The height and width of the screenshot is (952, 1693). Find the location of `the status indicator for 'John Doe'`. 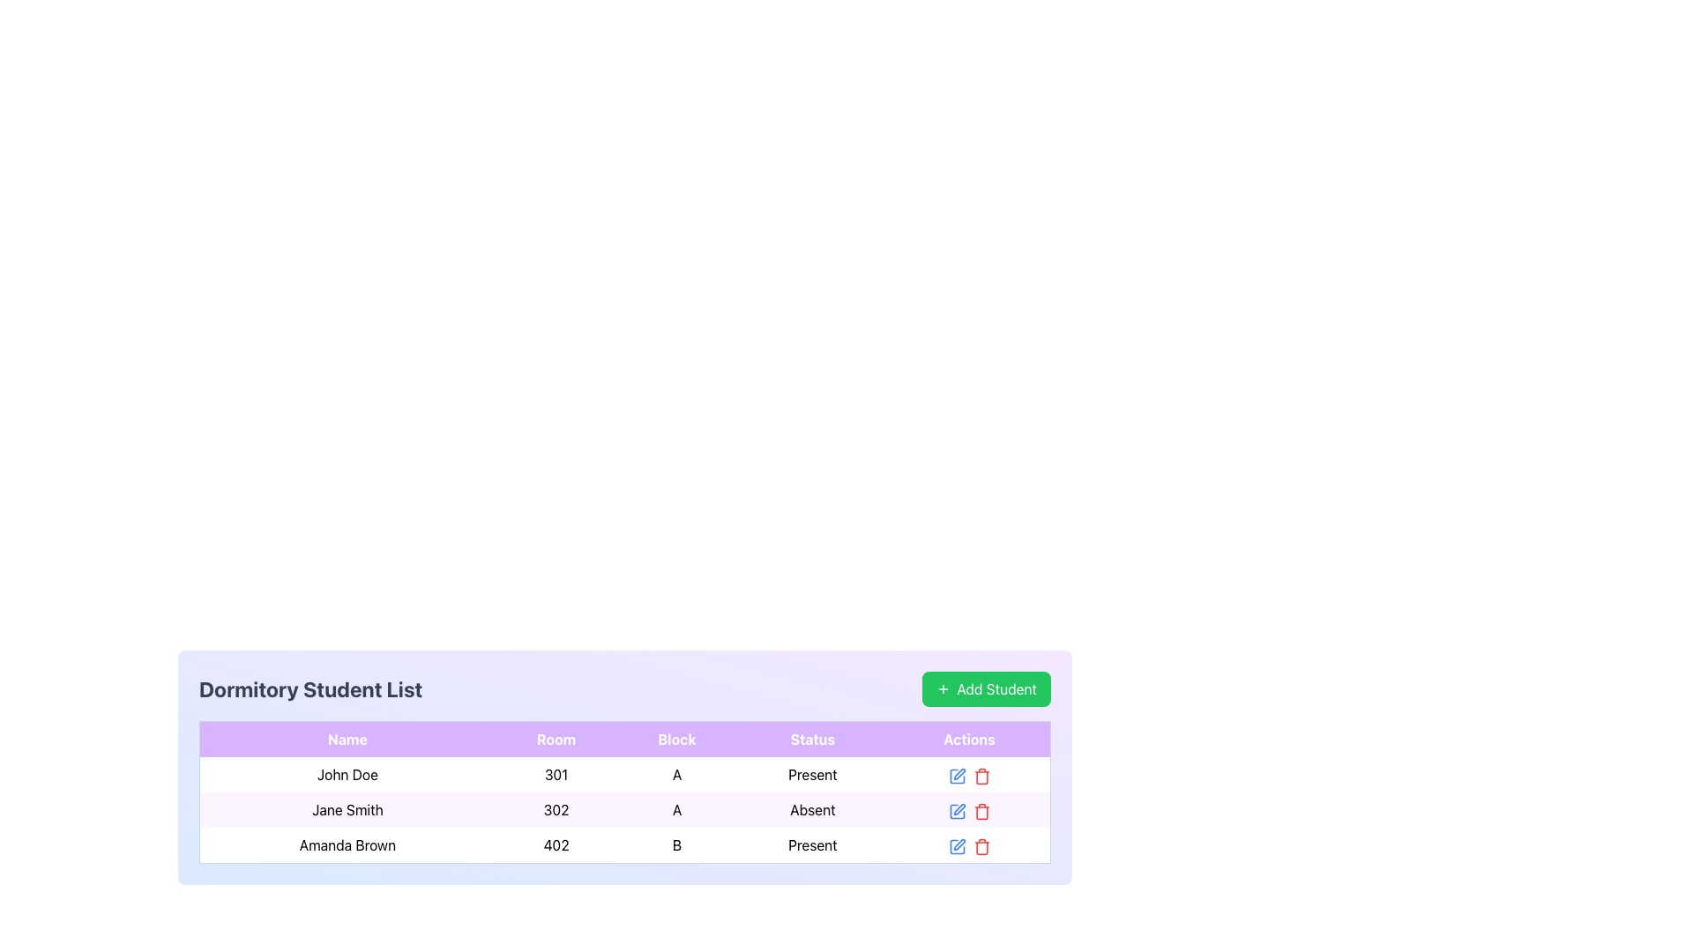

the status indicator for 'John Doe' is located at coordinates (811, 774).